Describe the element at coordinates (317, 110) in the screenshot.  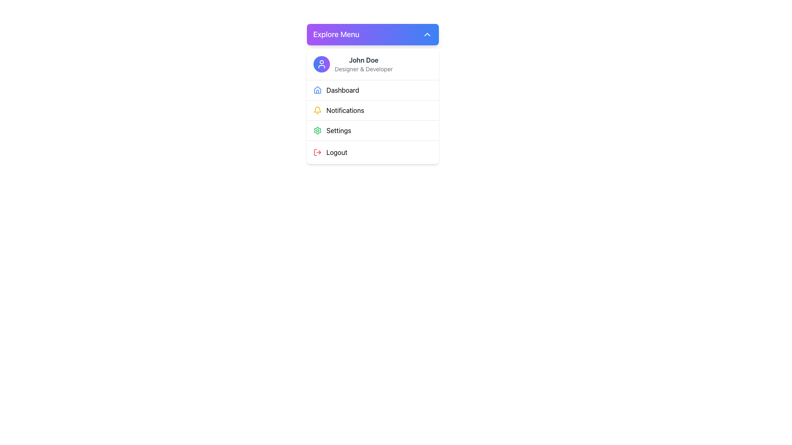
I see `the golden-yellow bell icon in the Notifications menu to trigger a tooltip` at that location.